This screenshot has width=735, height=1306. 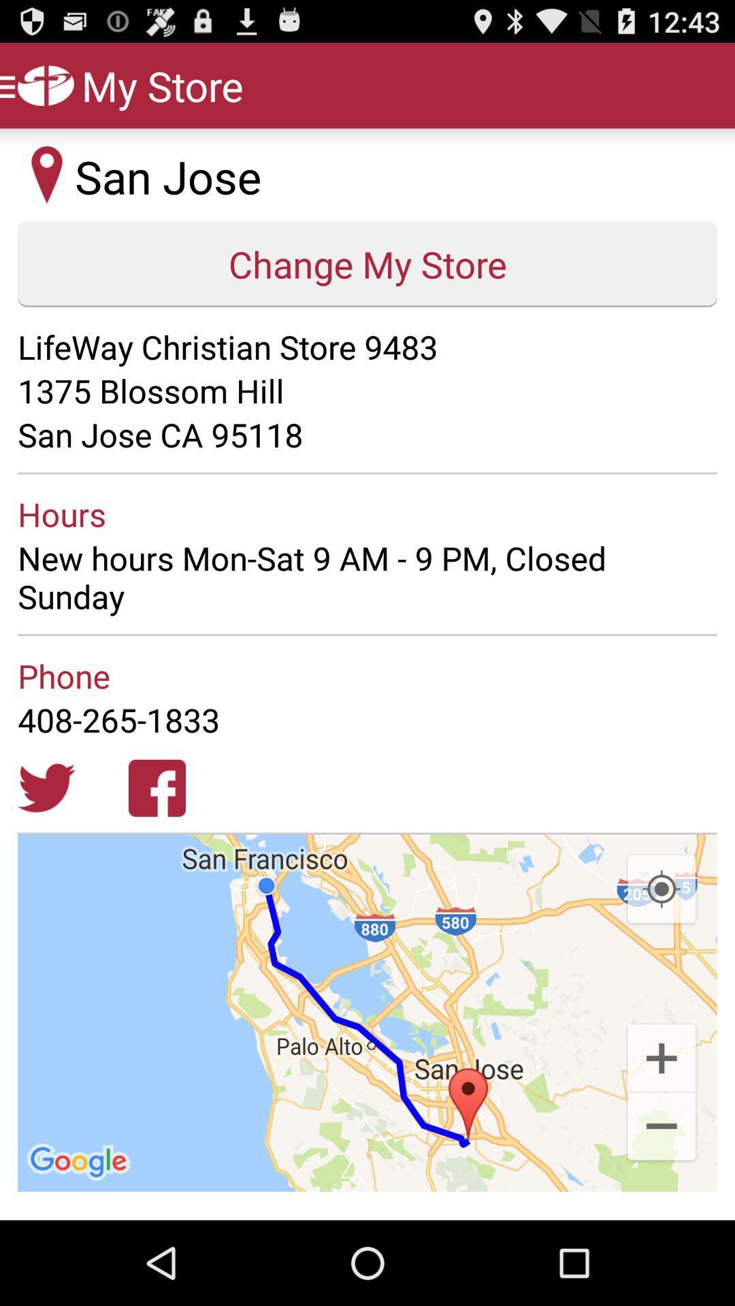 What do you see at coordinates (46, 788) in the screenshot?
I see `open twitter of store` at bounding box center [46, 788].